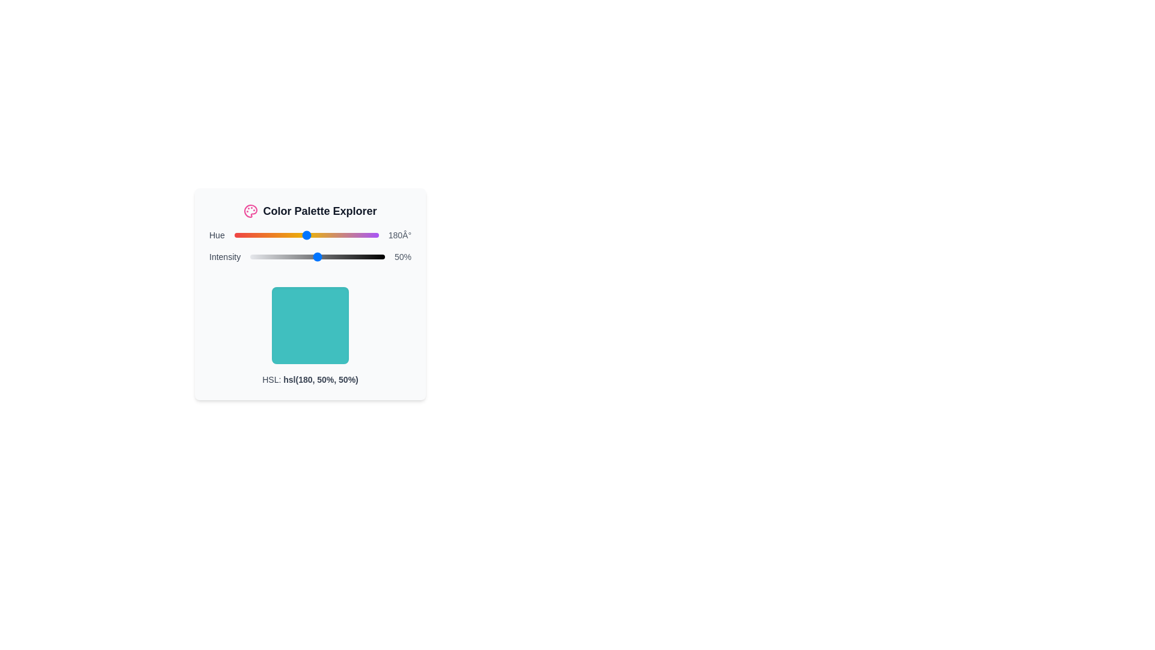 This screenshot has width=1155, height=650. What do you see at coordinates (251, 235) in the screenshot?
I see `the hue slider to set the hue to 44 degrees` at bounding box center [251, 235].